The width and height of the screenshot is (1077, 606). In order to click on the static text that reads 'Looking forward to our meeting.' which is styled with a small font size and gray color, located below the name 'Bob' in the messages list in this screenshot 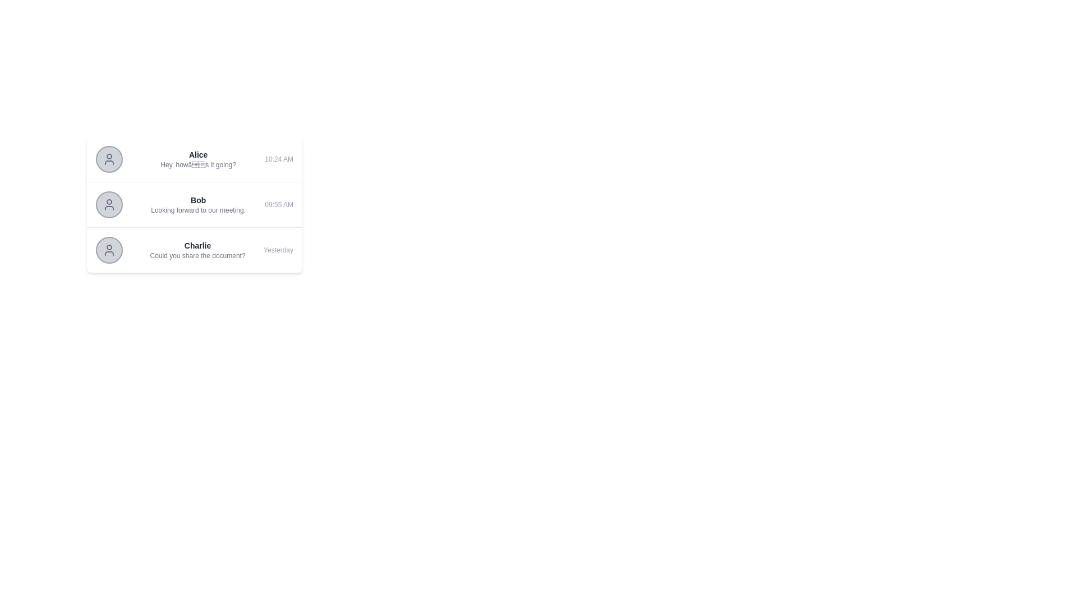, I will do `click(198, 210)`.